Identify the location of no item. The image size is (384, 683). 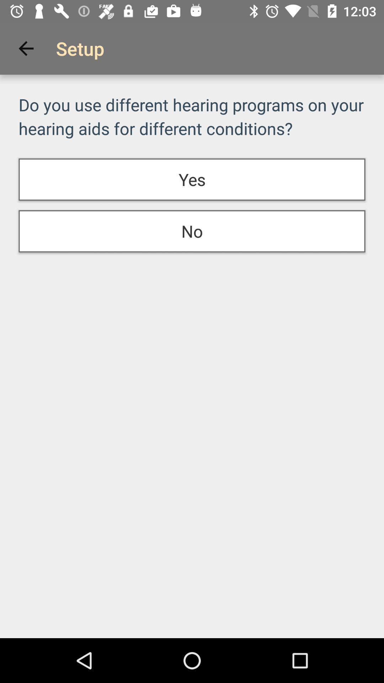
(192, 231).